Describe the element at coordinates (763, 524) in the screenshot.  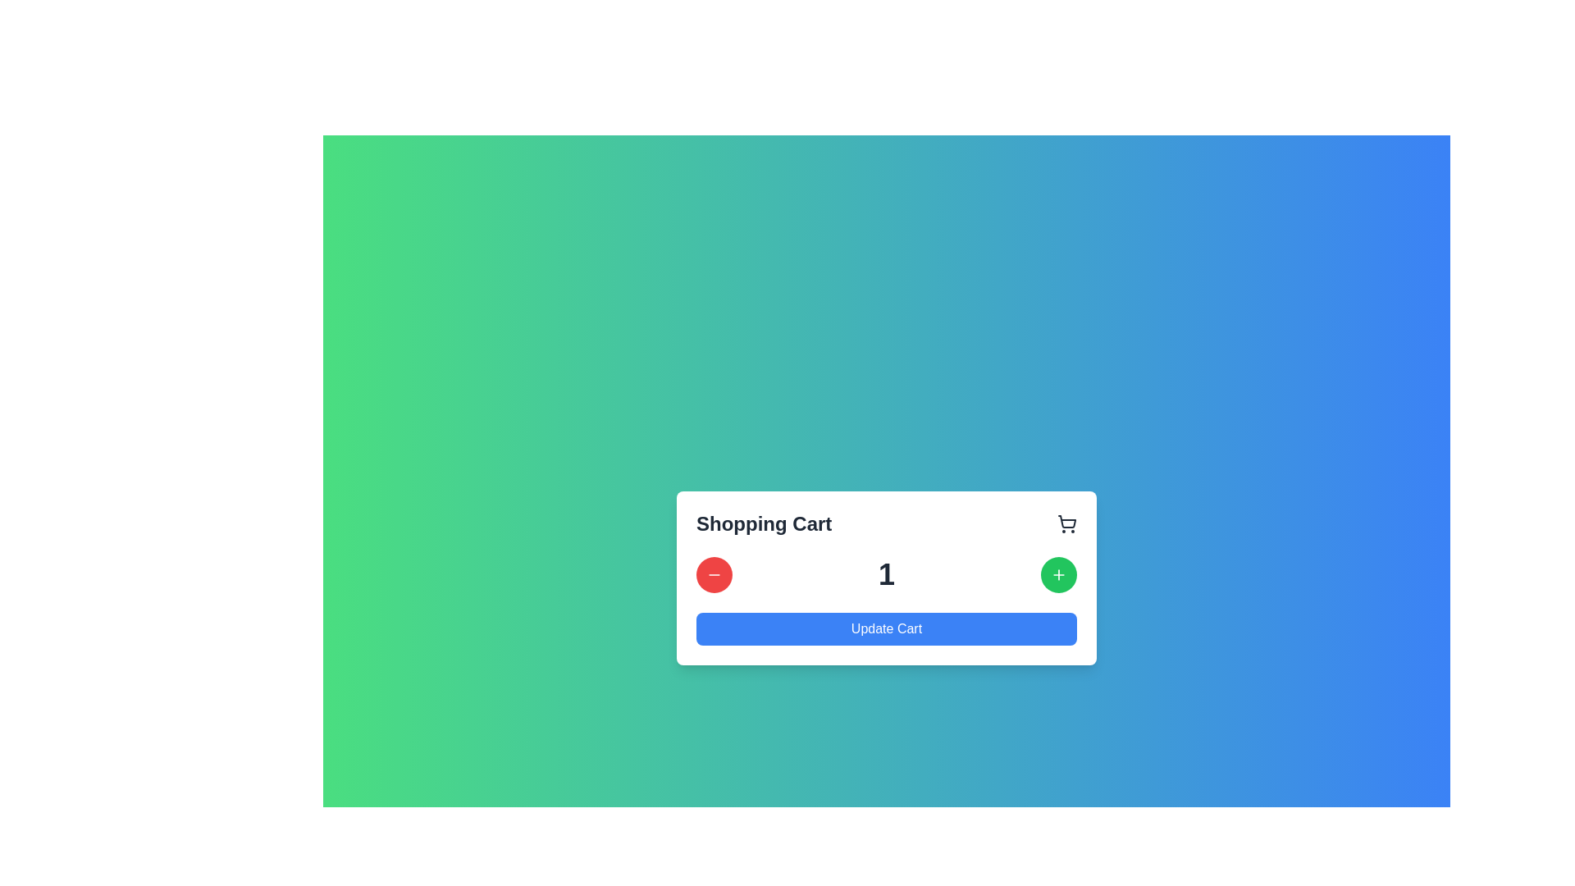
I see `the 'Shopping Cart' text label, which is prominently displayed in bold, large black font at the top-left corner of the cart interface` at that location.